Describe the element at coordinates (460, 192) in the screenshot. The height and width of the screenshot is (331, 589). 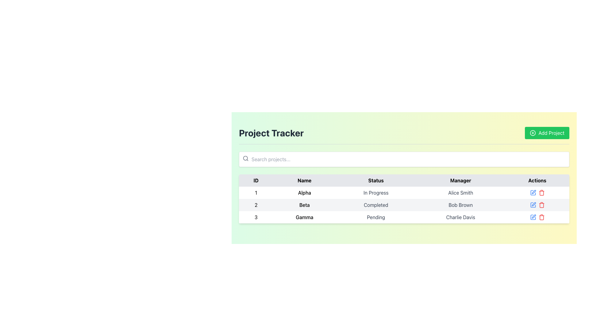
I see `the Text Display element that shows 'Alice Smith' in the Manager column of the first row of the data table, located between the 'Status' and 'Actions' columns` at that location.